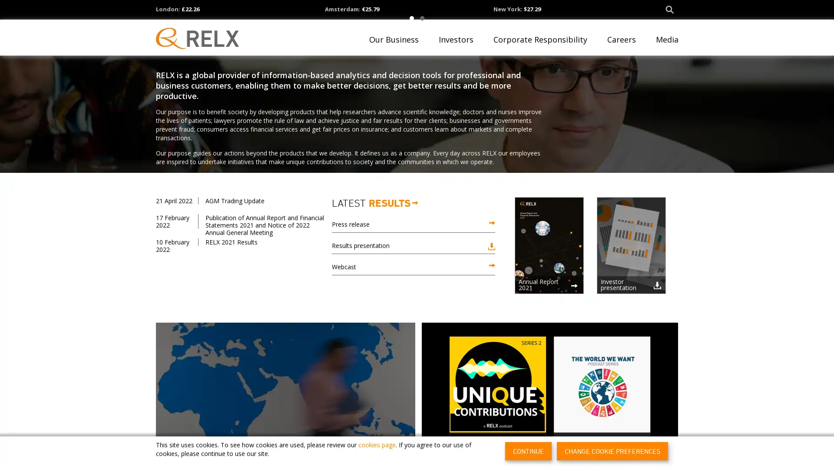 This screenshot has width=834, height=469. I want to click on CHANGE COOKIE PREFERENCES, so click(616, 450).